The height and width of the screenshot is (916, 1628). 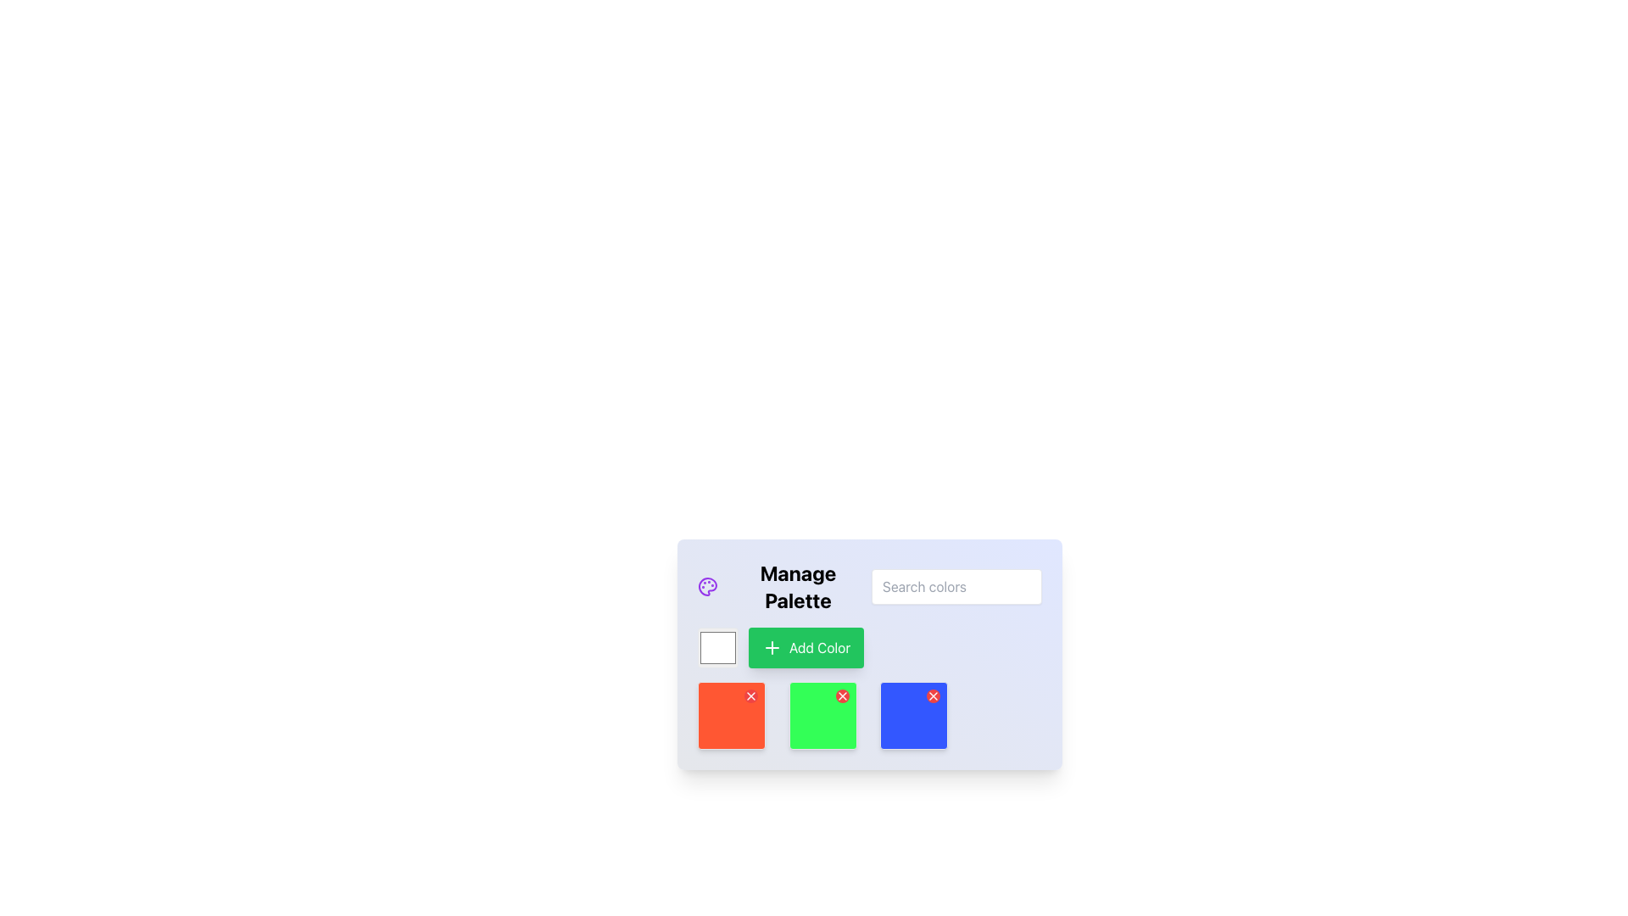 What do you see at coordinates (732, 716) in the screenshot?
I see `the vibrant orange Color tile with a delete button located in the bottom-left corner of the grid layout` at bounding box center [732, 716].